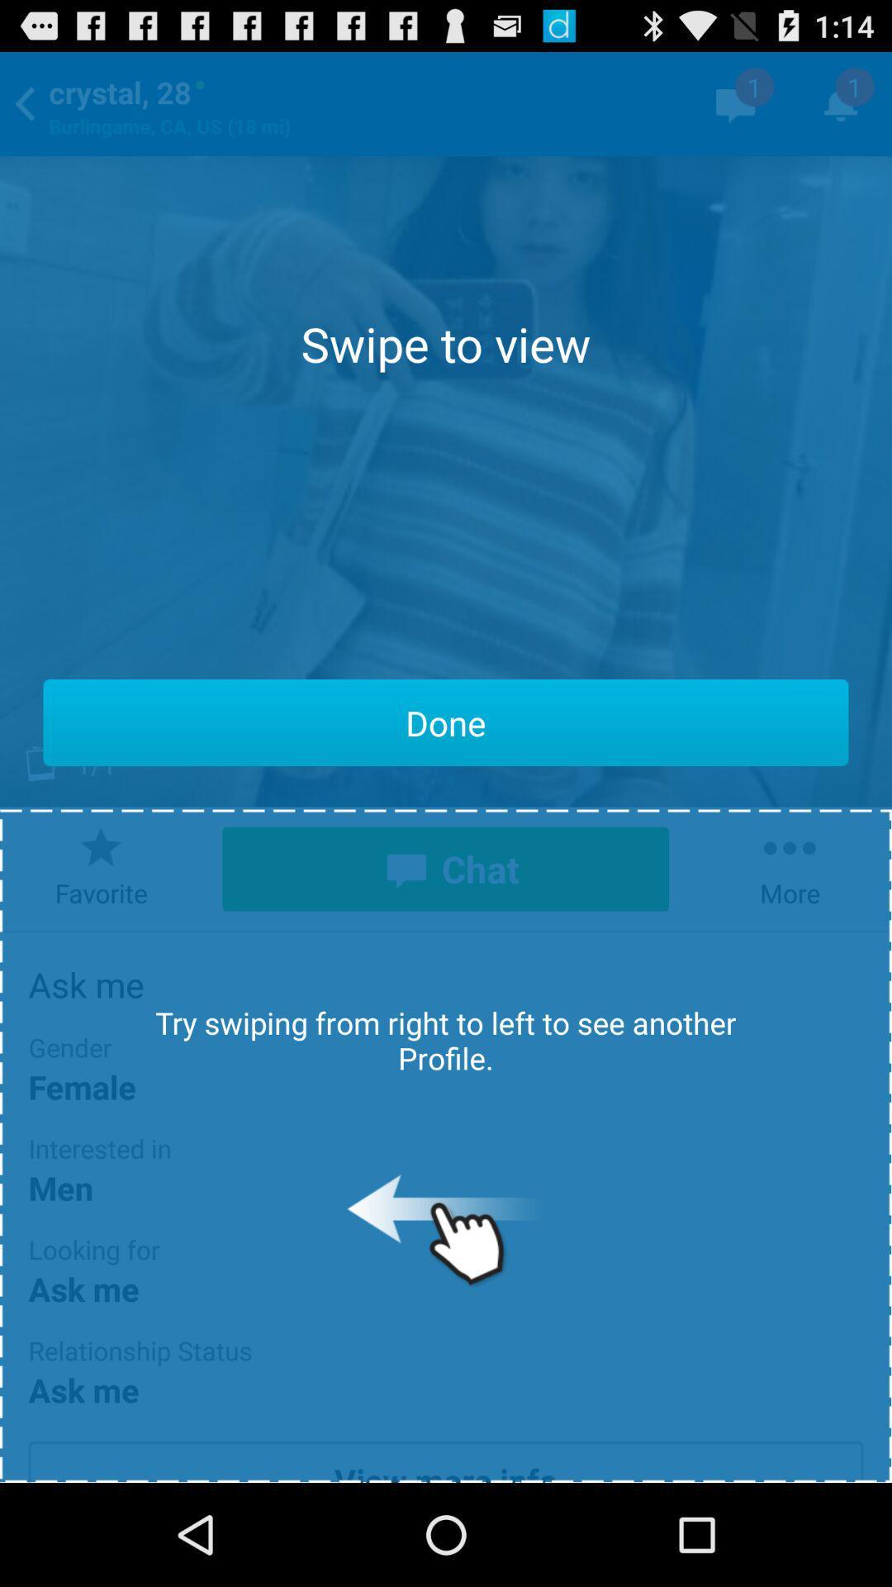 This screenshot has height=1587, width=892. I want to click on the app below the swipe to view item, so click(446, 722).